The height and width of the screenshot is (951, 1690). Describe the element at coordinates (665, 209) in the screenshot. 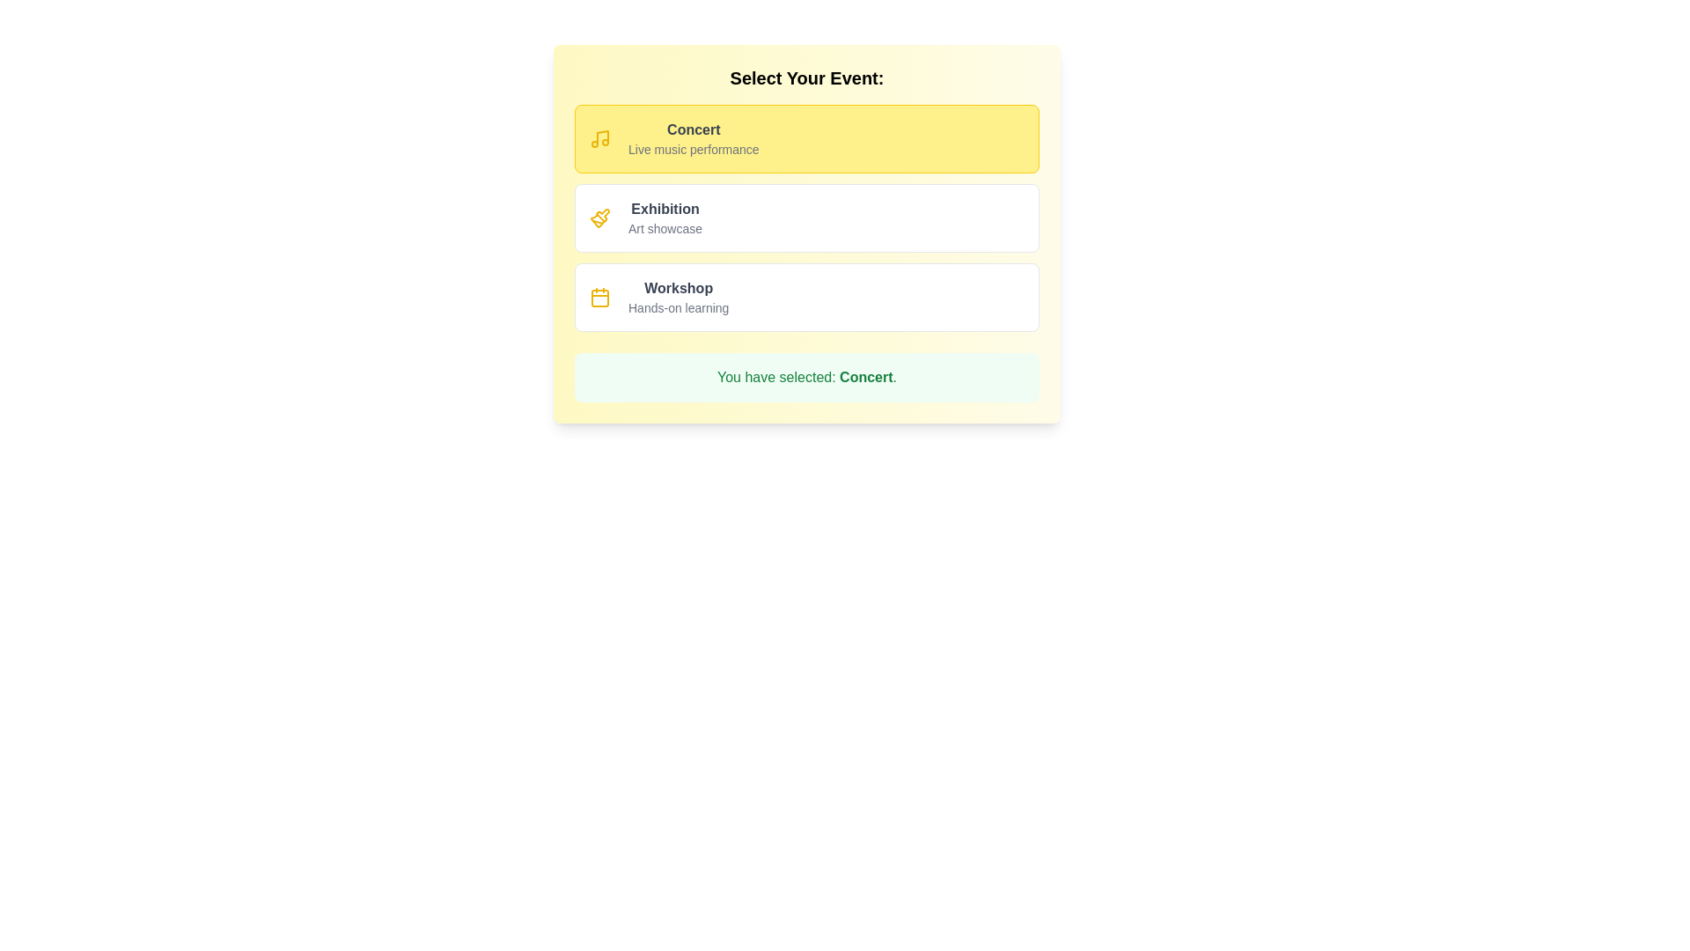

I see `bold-text label 'Exhibition' displayed in dark gray color on a light background, which is the first line of text in a menu-style interface section` at that location.